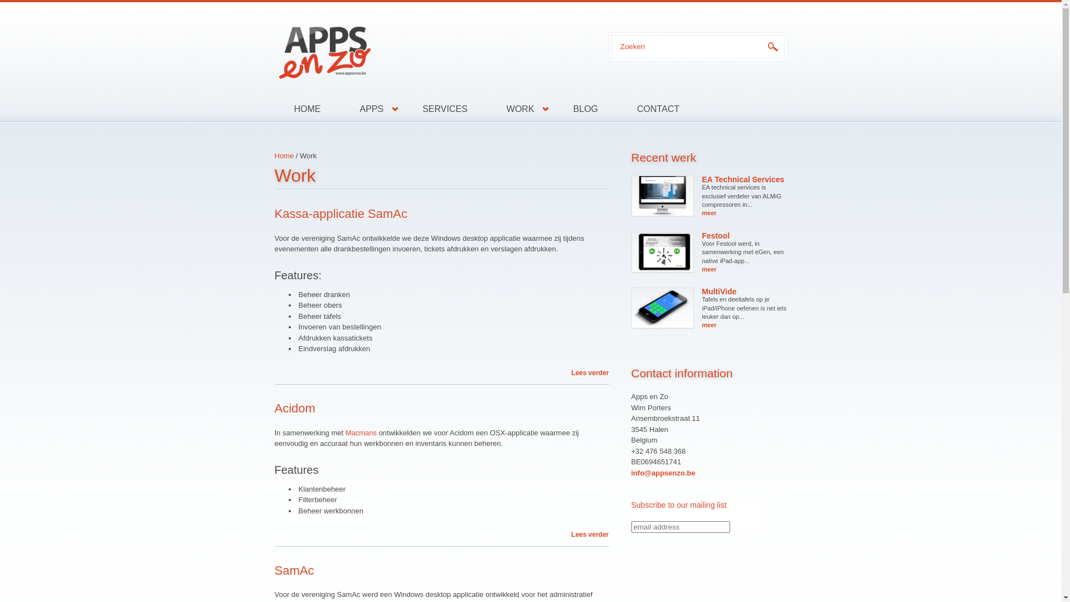 This screenshot has width=1070, height=602. I want to click on 'Home', so click(284, 156).